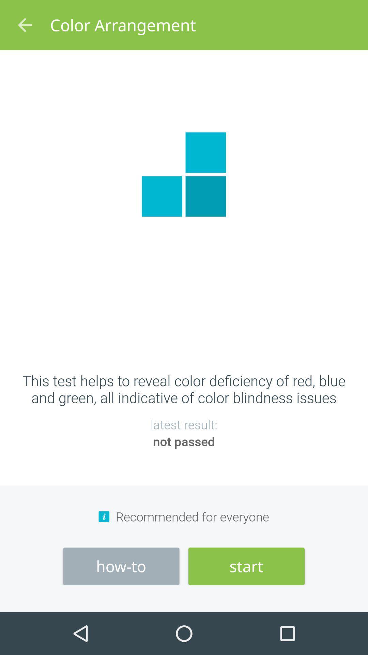  I want to click on the item next to the start icon, so click(121, 566).